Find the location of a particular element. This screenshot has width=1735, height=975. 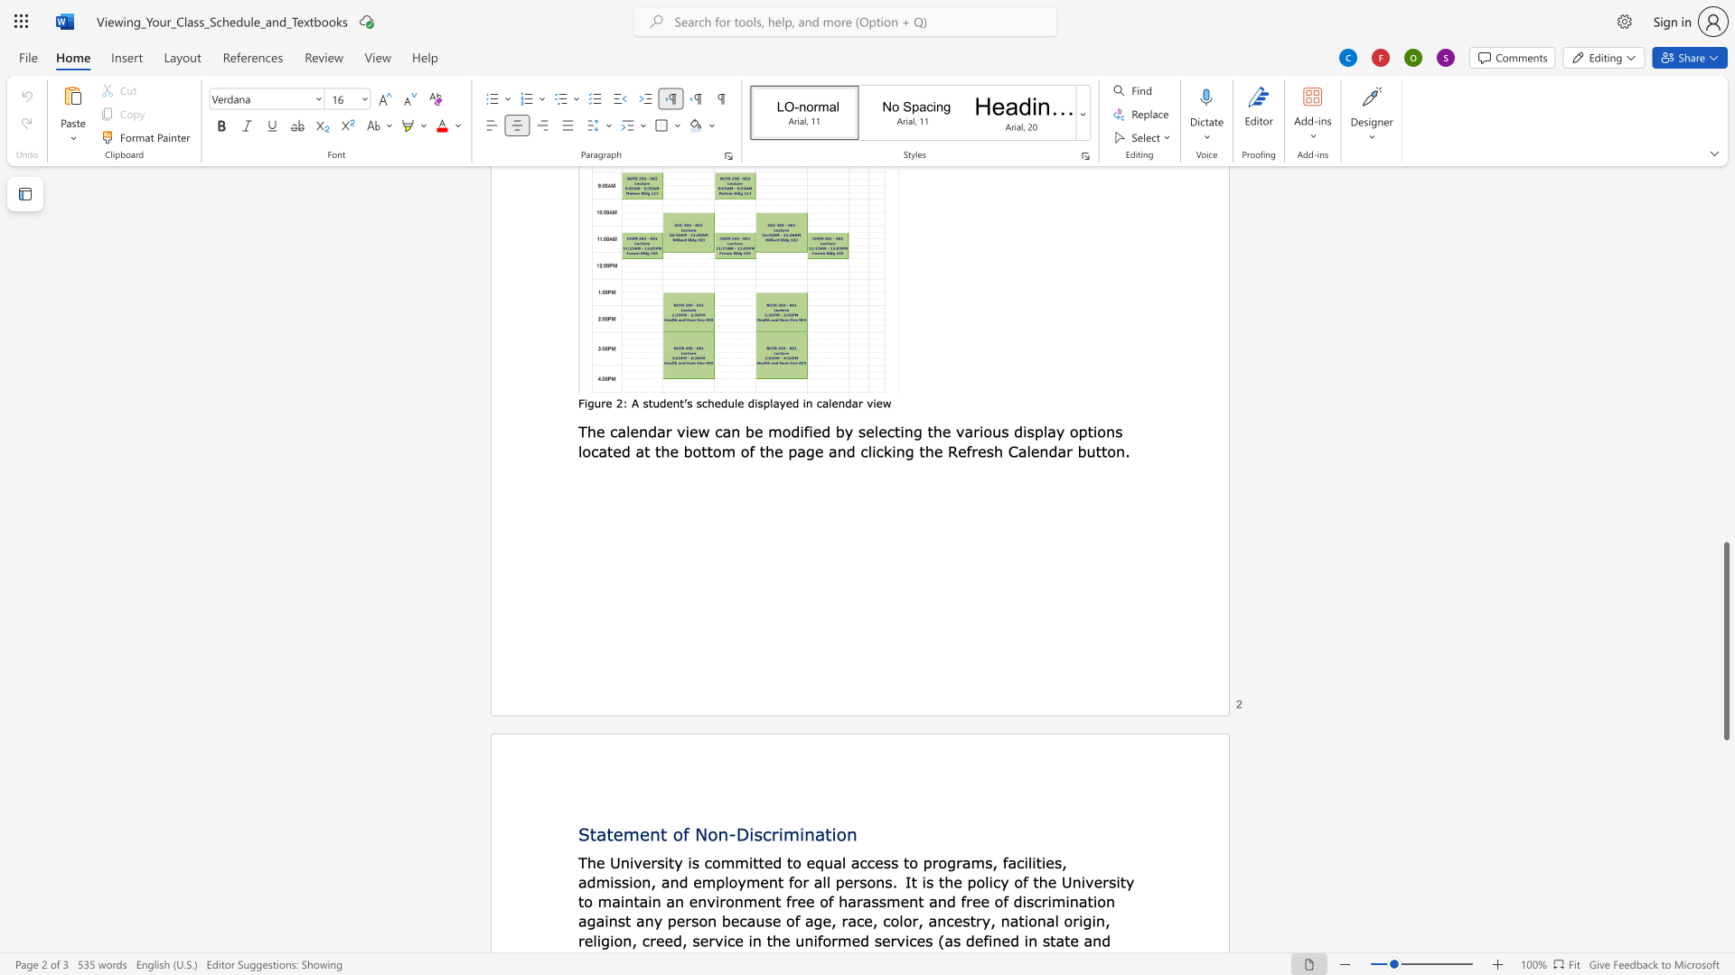

the scrollbar to move the content higher is located at coordinates (1725, 532).